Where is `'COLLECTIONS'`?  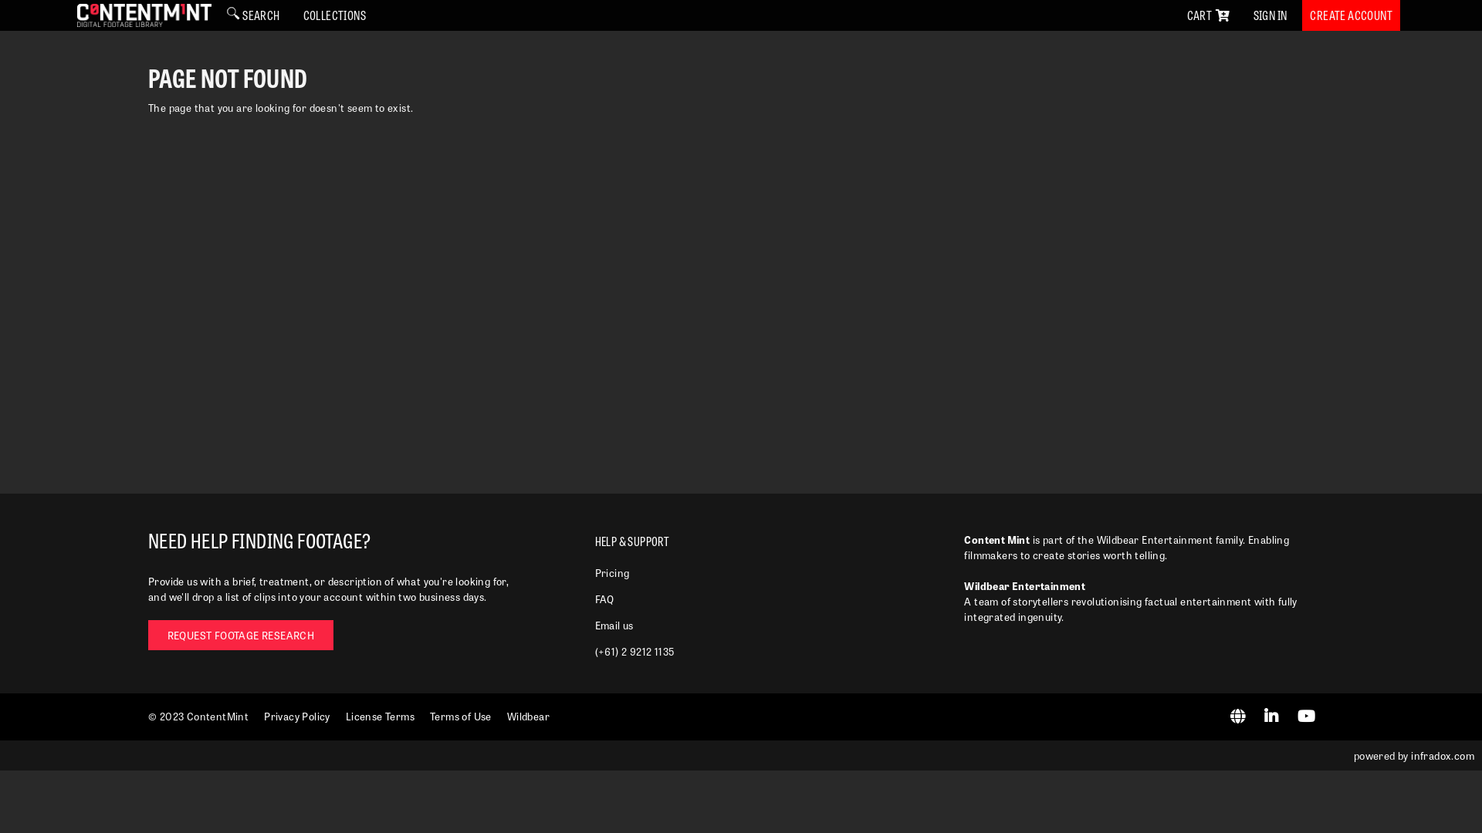
'COLLECTIONS' is located at coordinates (333, 15).